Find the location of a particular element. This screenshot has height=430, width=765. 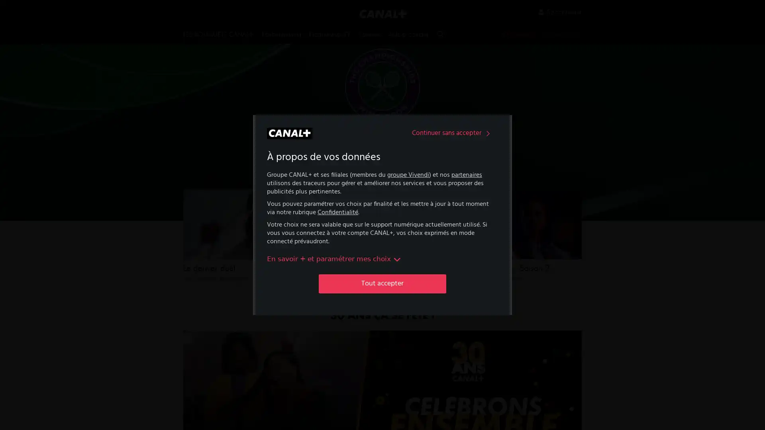

Ghana is located at coordinates (382, 199).